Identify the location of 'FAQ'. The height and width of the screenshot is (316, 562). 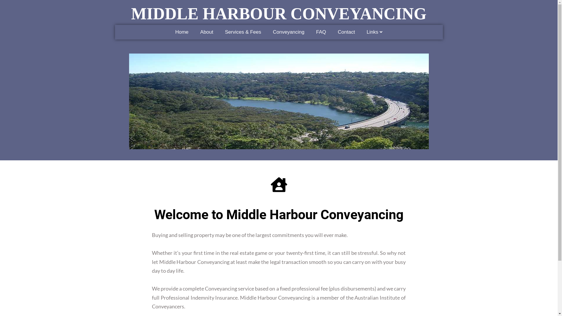
(321, 32).